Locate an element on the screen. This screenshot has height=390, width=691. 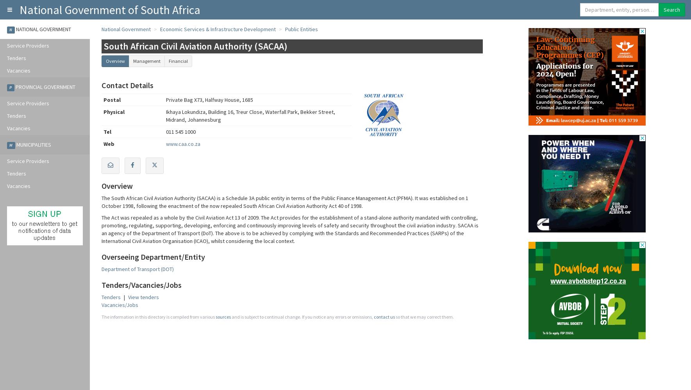
'Management' is located at coordinates (146, 61).